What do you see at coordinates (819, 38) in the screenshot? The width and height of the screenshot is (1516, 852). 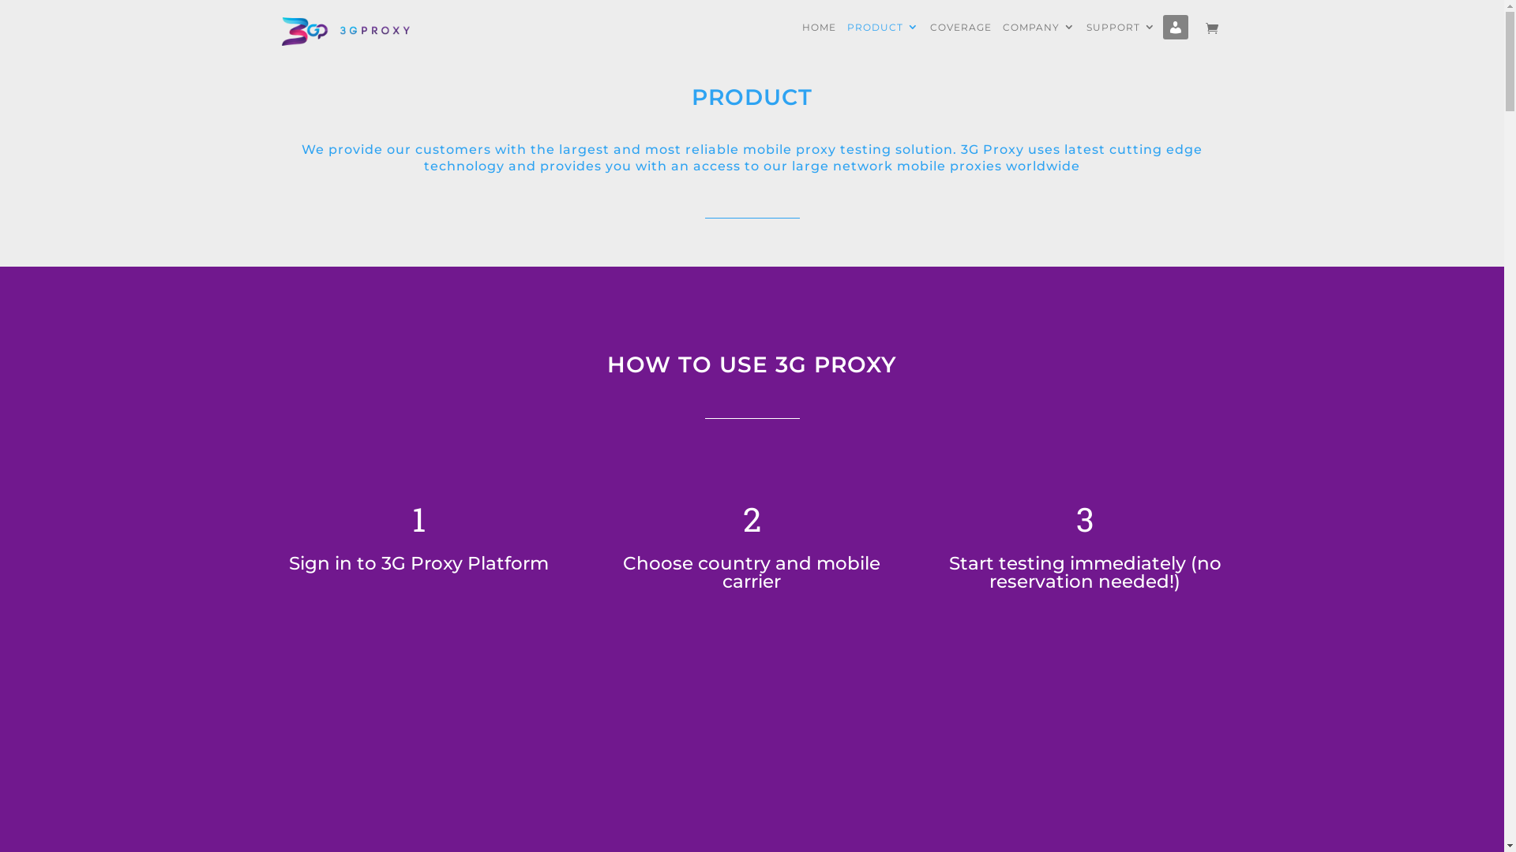 I see `'HOME'` at bounding box center [819, 38].